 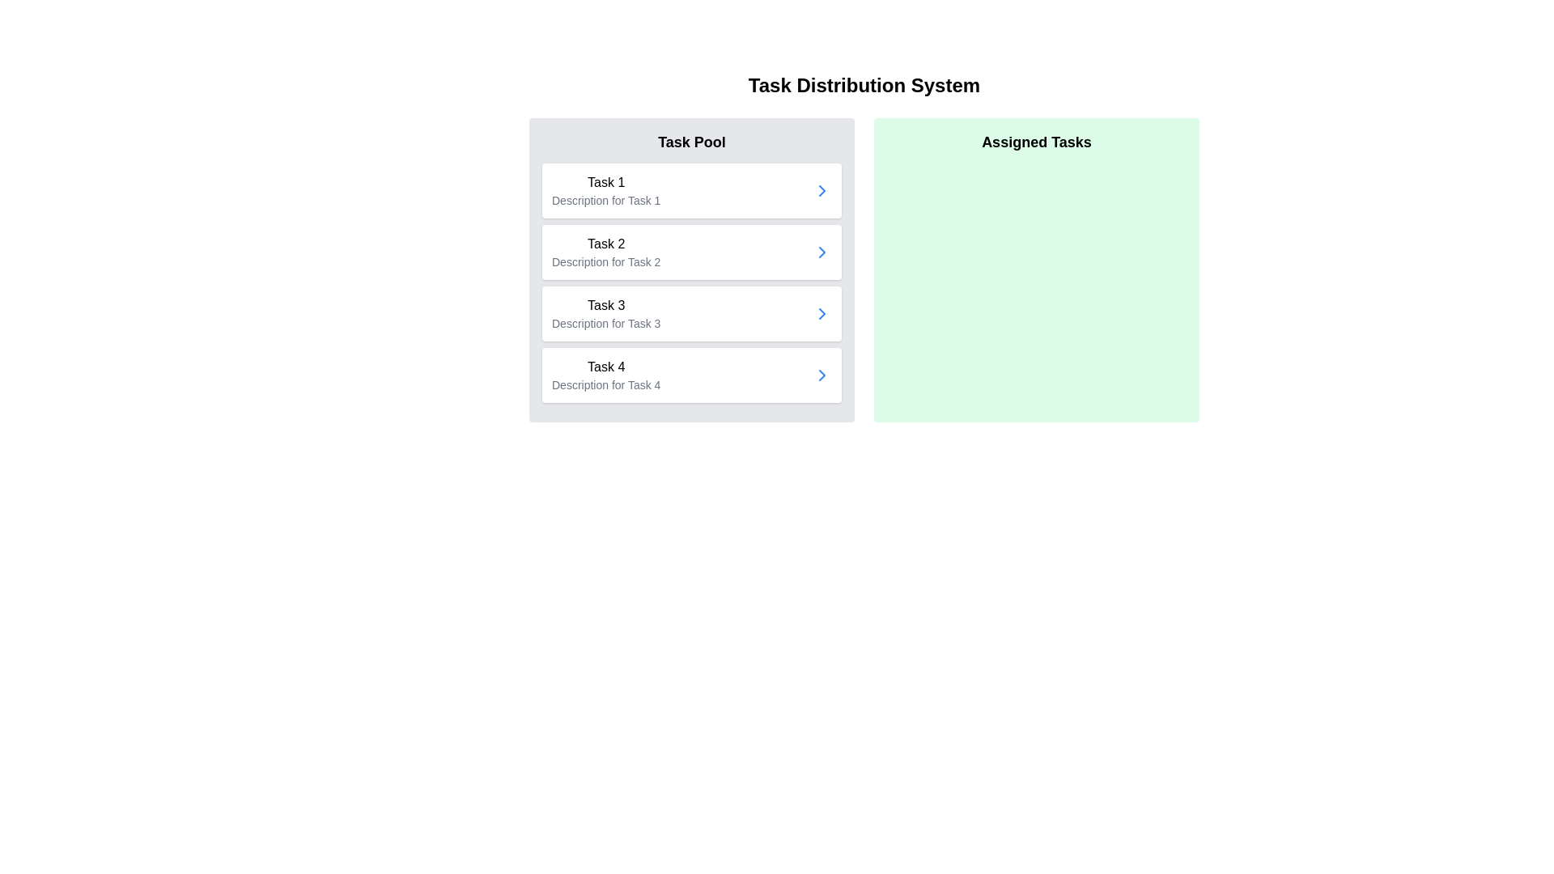 I want to click on the text label that displays the title of the second task in the task list, located in the 'Task Pool' section, so click(x=605, y=244).